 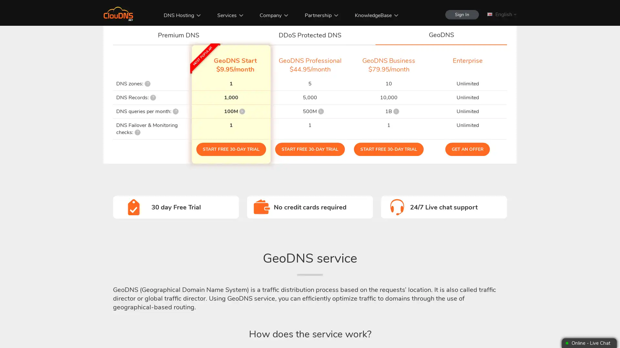 I want to click on Sign In, so click(x=461, y=15).